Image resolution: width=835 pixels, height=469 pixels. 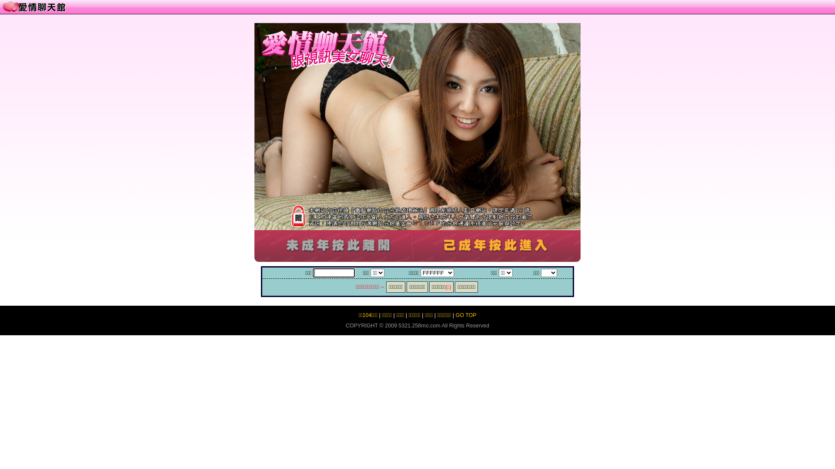 What do you see at coordinates (455, 315) in the screenshot?
I see `'GO TOP'` at bounding box center [455, 315].